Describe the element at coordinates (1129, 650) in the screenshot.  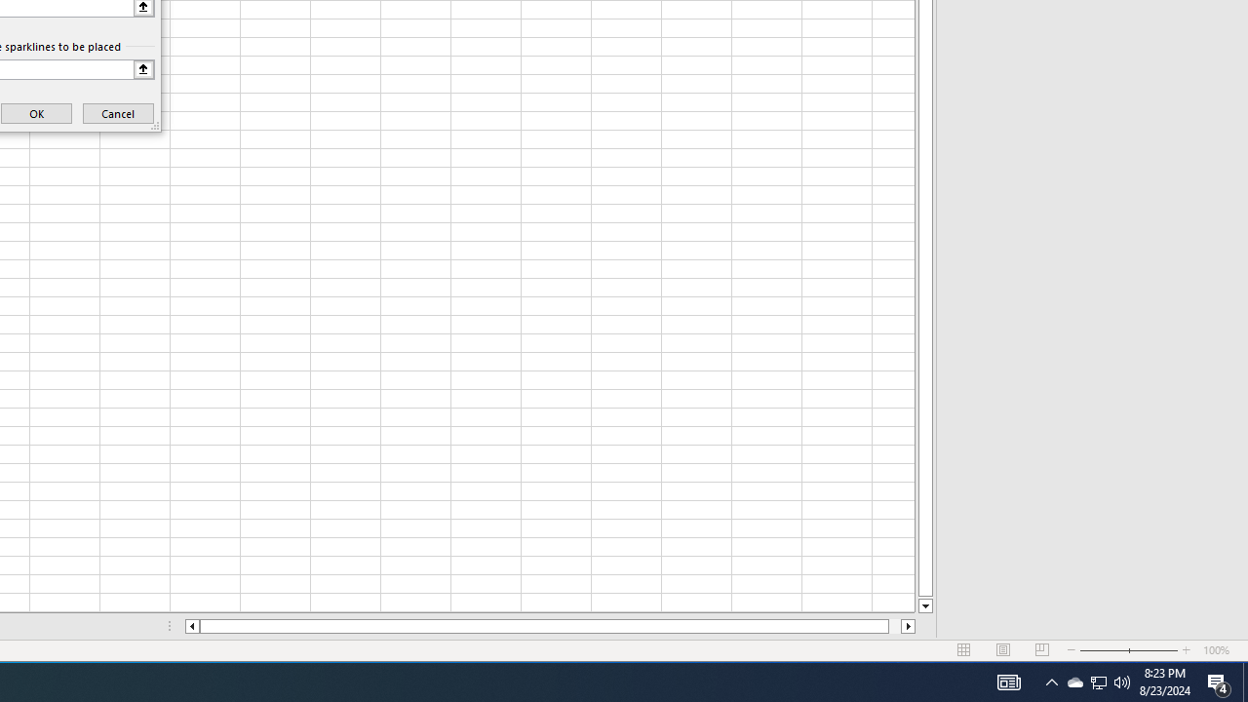
I see `'Zoom'` at that location.